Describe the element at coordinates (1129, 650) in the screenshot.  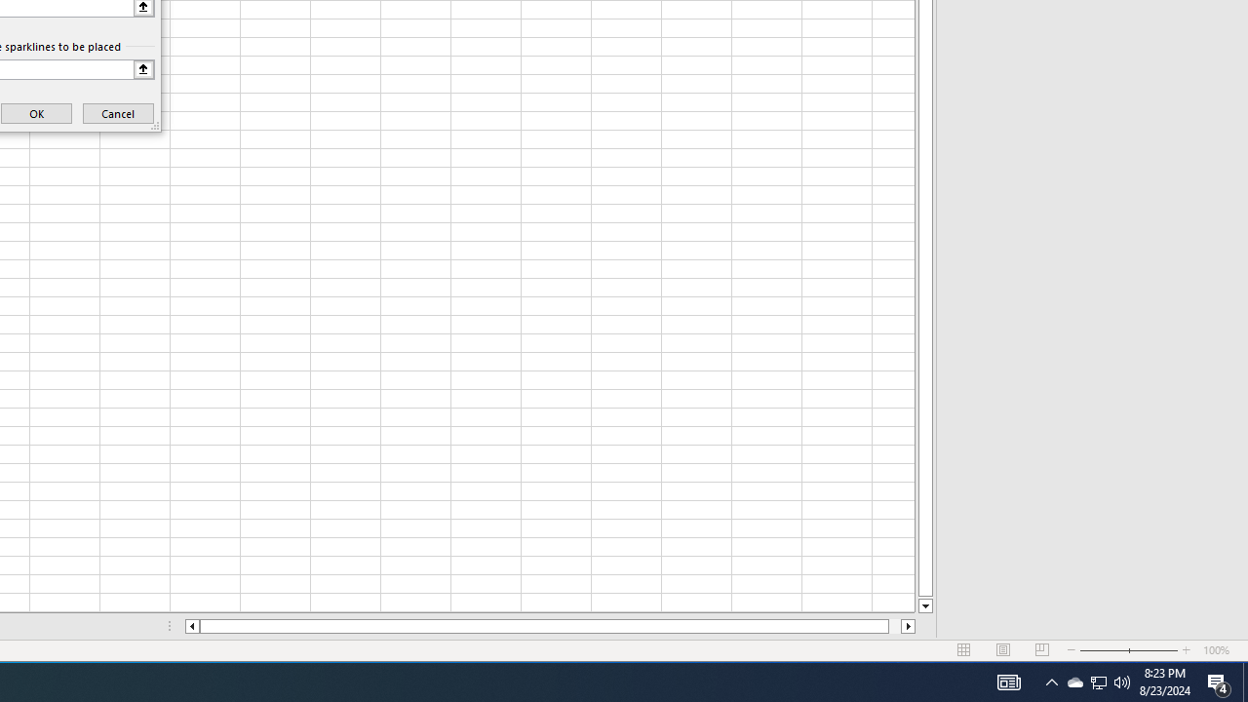
I see `'Zoom'` at that location.